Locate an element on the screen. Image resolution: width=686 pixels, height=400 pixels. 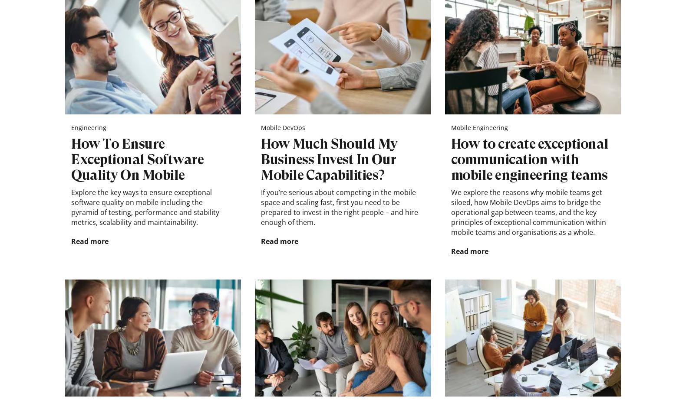
'Schönhauser Allee 163,' is located at coordinates (235, 354).